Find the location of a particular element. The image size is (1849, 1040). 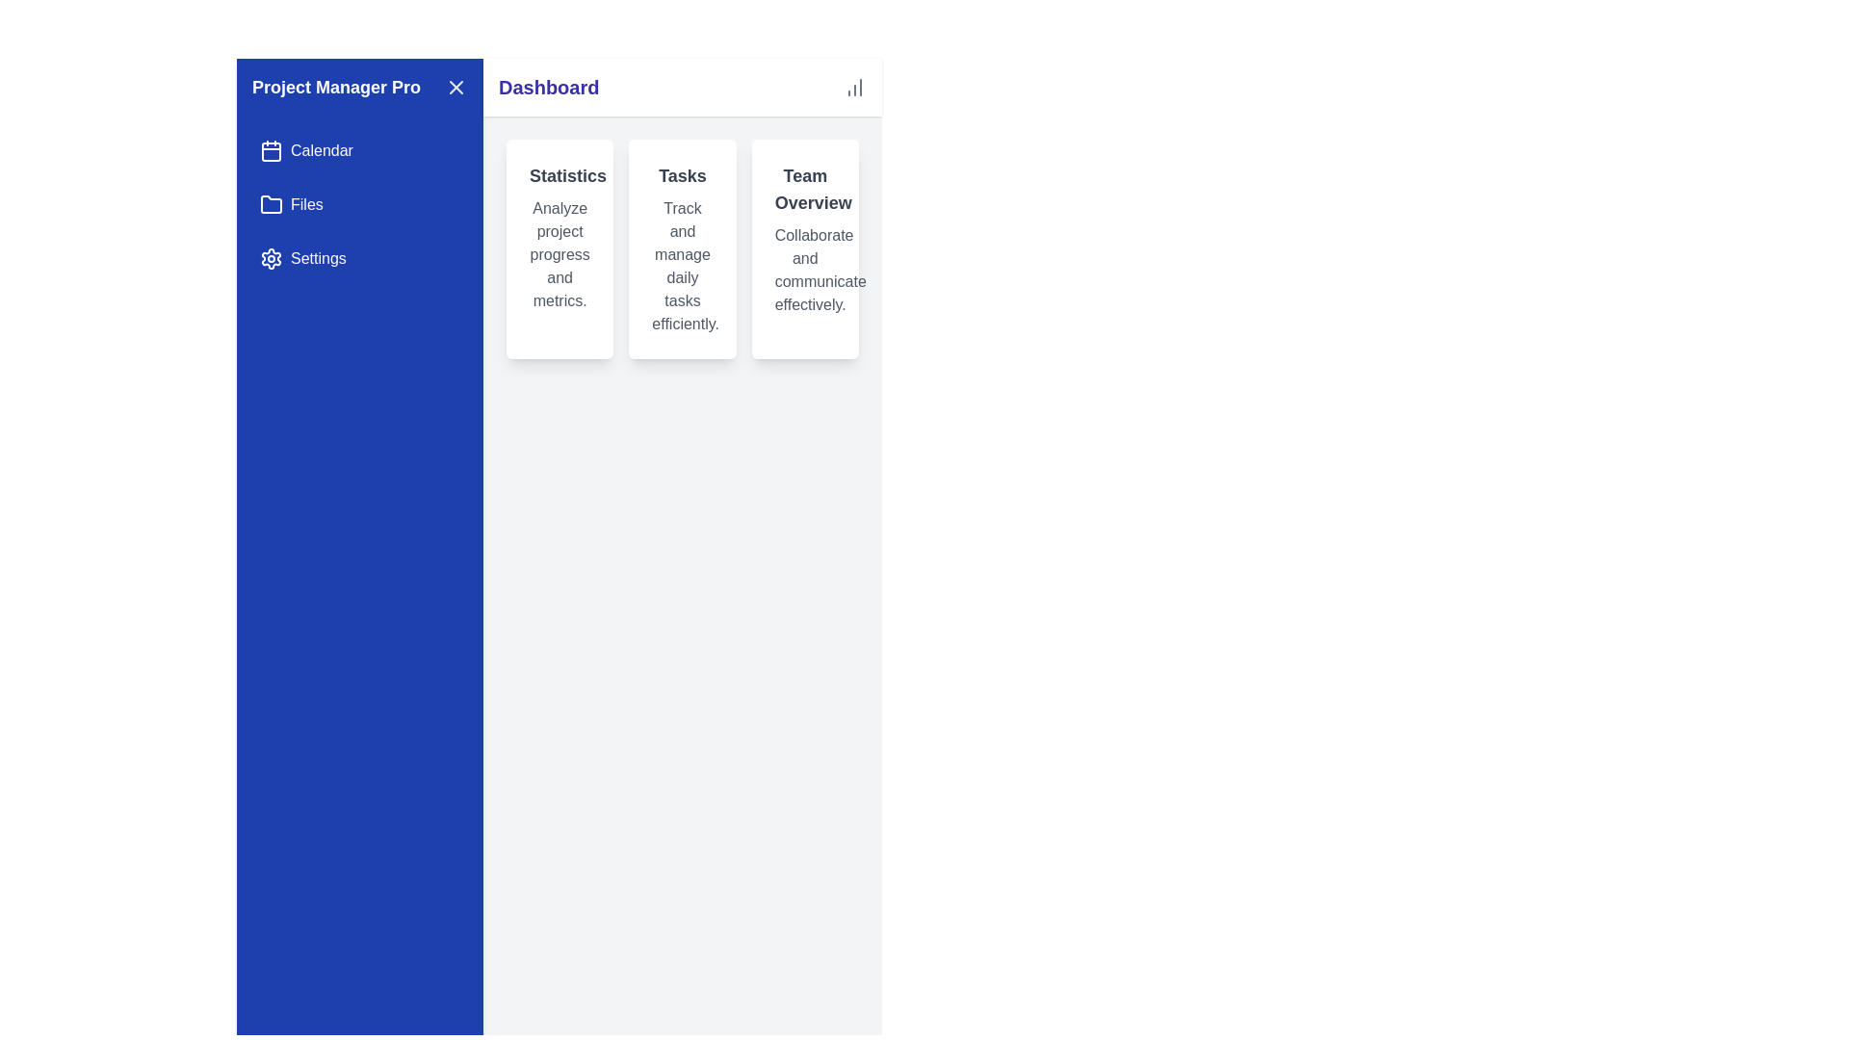

the static textual display reading 'Project Manager Pro' located at the top of the blue vertical navigation sidebar is located at coordinates (360, 88).